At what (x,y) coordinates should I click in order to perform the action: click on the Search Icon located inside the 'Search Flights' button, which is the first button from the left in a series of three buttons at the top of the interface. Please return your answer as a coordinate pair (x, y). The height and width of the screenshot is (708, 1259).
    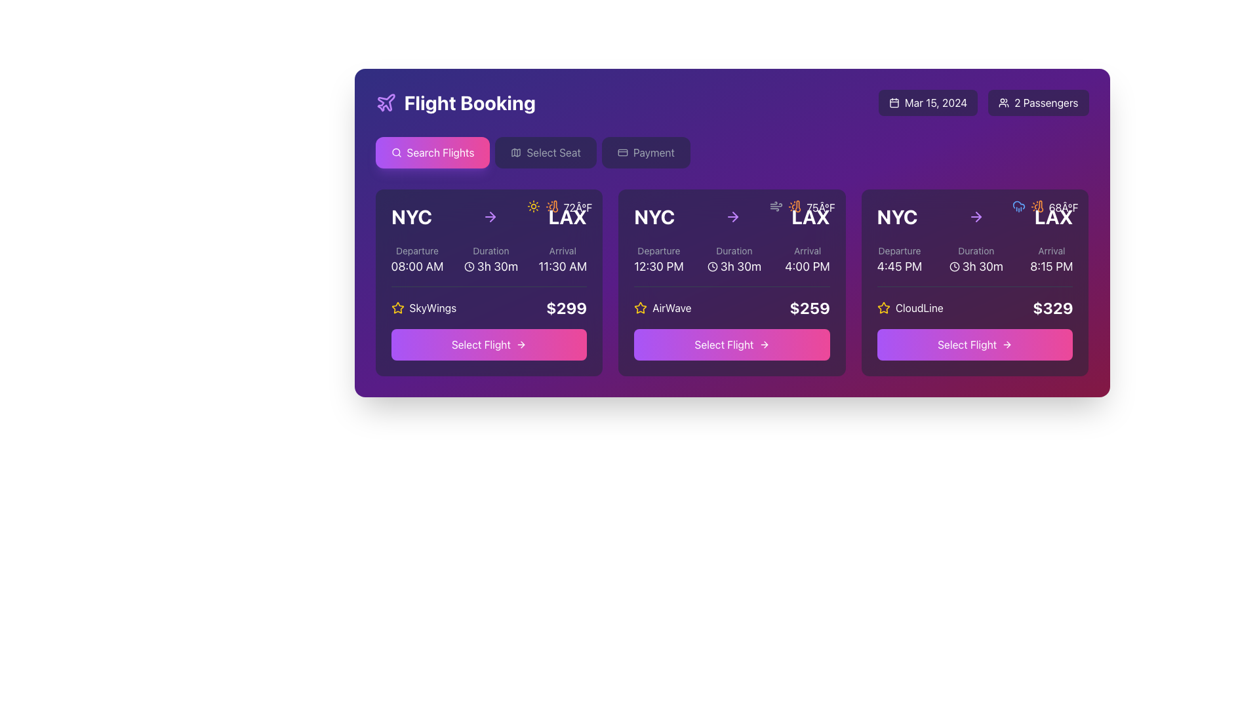
    Looking at the image, I should click on (395, 151).